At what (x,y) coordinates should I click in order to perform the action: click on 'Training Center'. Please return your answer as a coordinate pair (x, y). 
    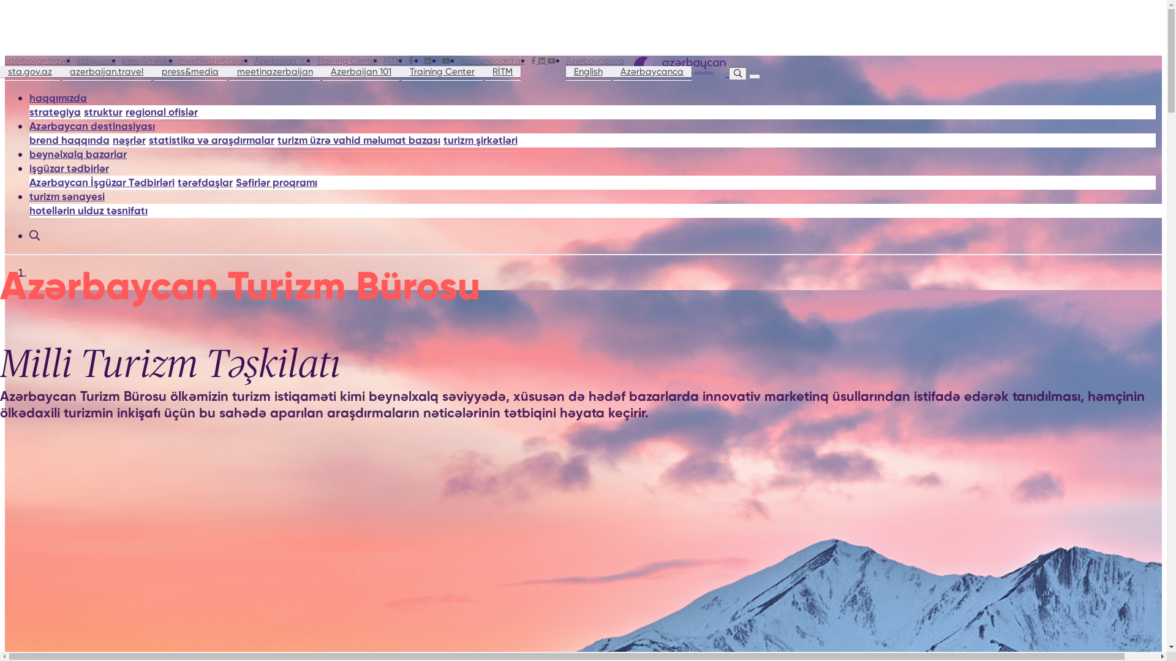
    Looking at the image, I should click on (441, 72).